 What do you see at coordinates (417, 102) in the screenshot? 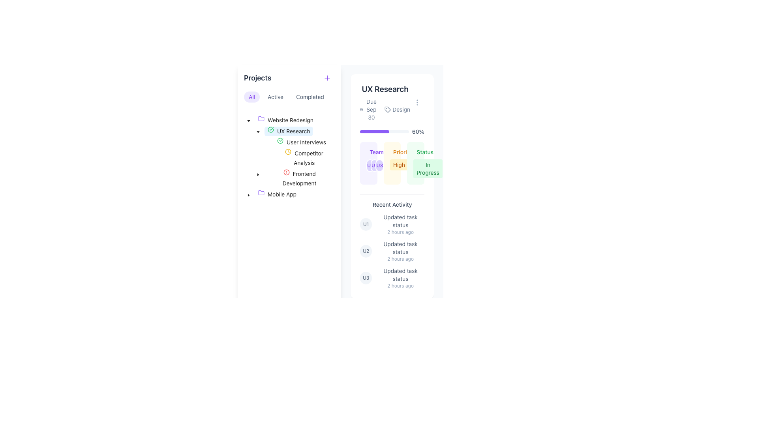
I see `the vertical ellipsis icon inside the button in the top-right corner of the 'UX Research' section` at bounding box center [417, 102].